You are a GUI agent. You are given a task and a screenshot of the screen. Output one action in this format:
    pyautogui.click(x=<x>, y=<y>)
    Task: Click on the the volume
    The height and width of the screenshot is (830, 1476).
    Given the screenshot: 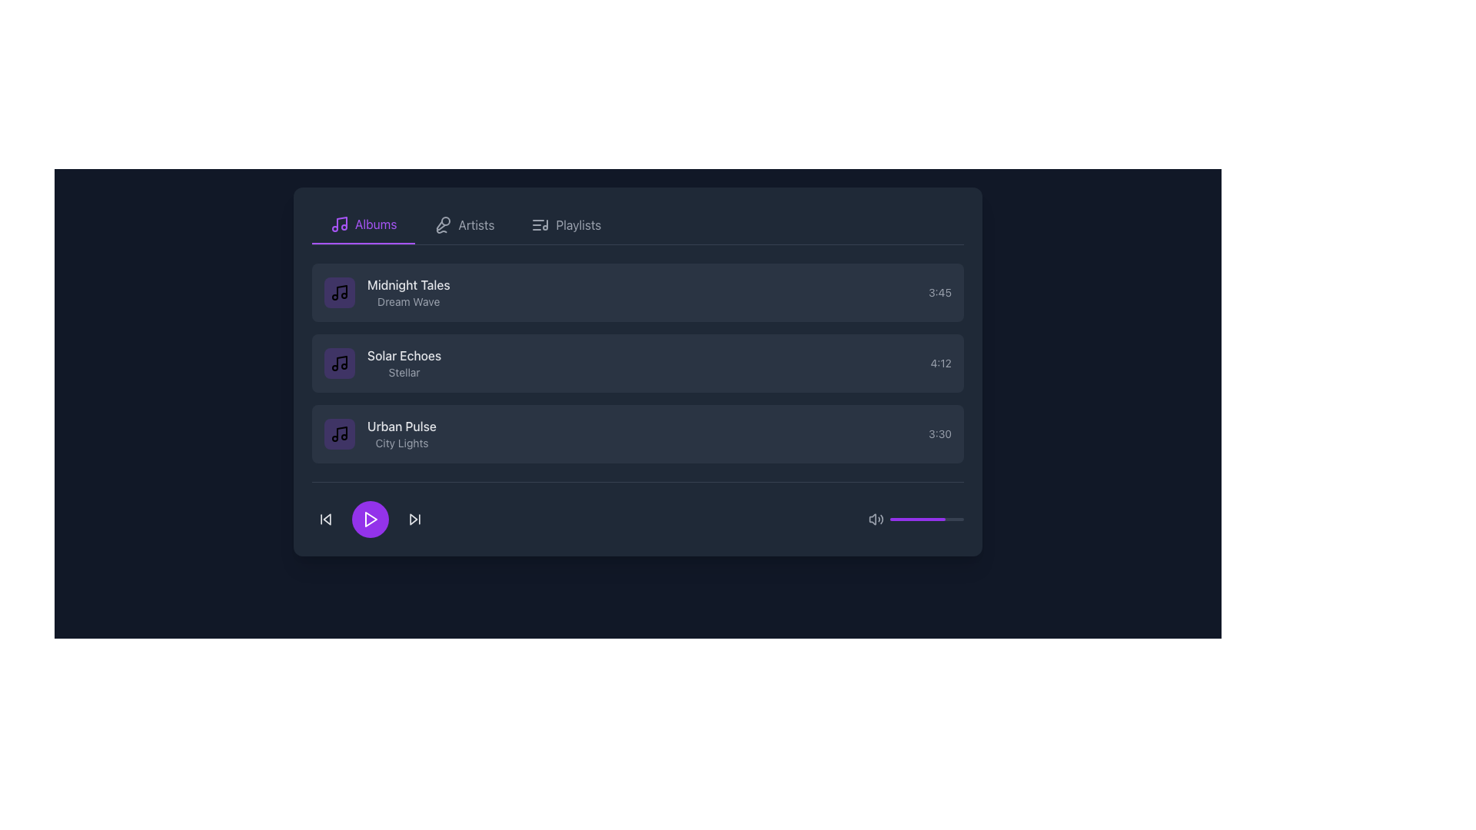 What is the action you would take?
    pyautogui.click(x=962, y=519)
    